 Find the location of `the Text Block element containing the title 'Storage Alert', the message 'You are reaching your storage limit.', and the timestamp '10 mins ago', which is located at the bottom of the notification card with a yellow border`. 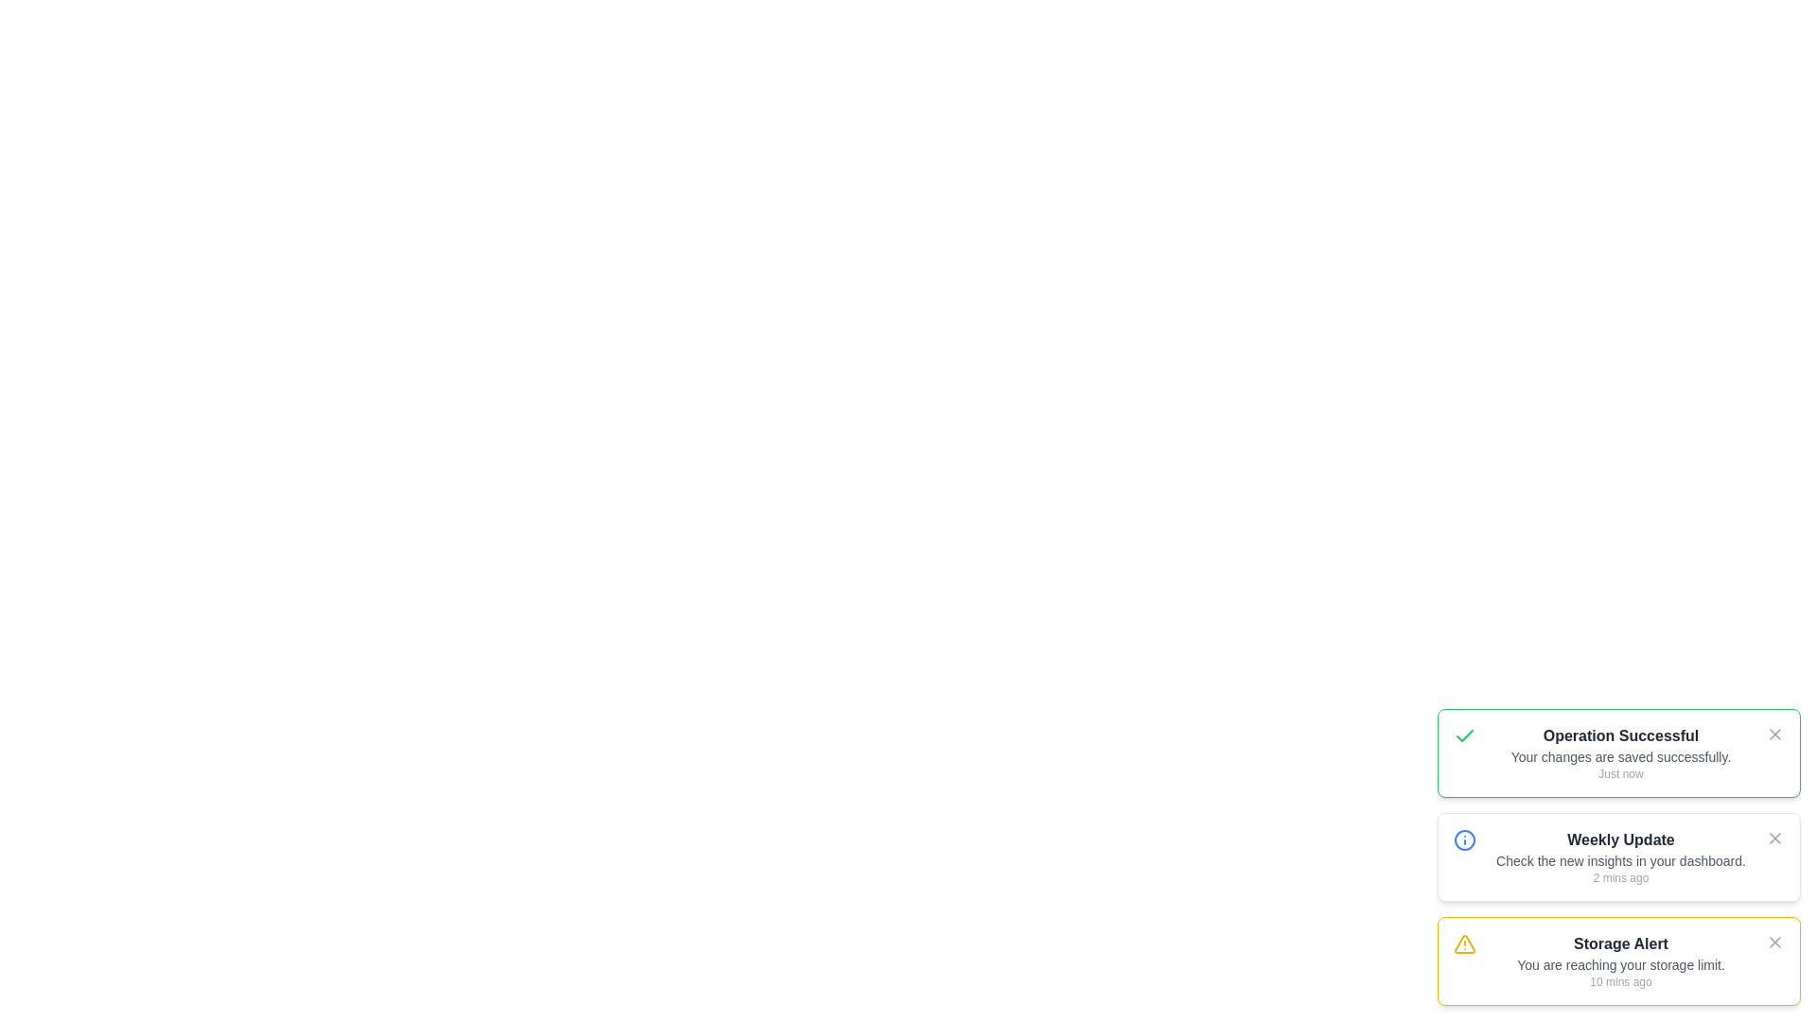

the Text Block element containing the title 'Storage Alert', the message 'You are reaching your storage limit.', and the timestamp '10 mins ago', which is located at the bottom of the notification card with a yellow border is located at coordinates (1619, 961).